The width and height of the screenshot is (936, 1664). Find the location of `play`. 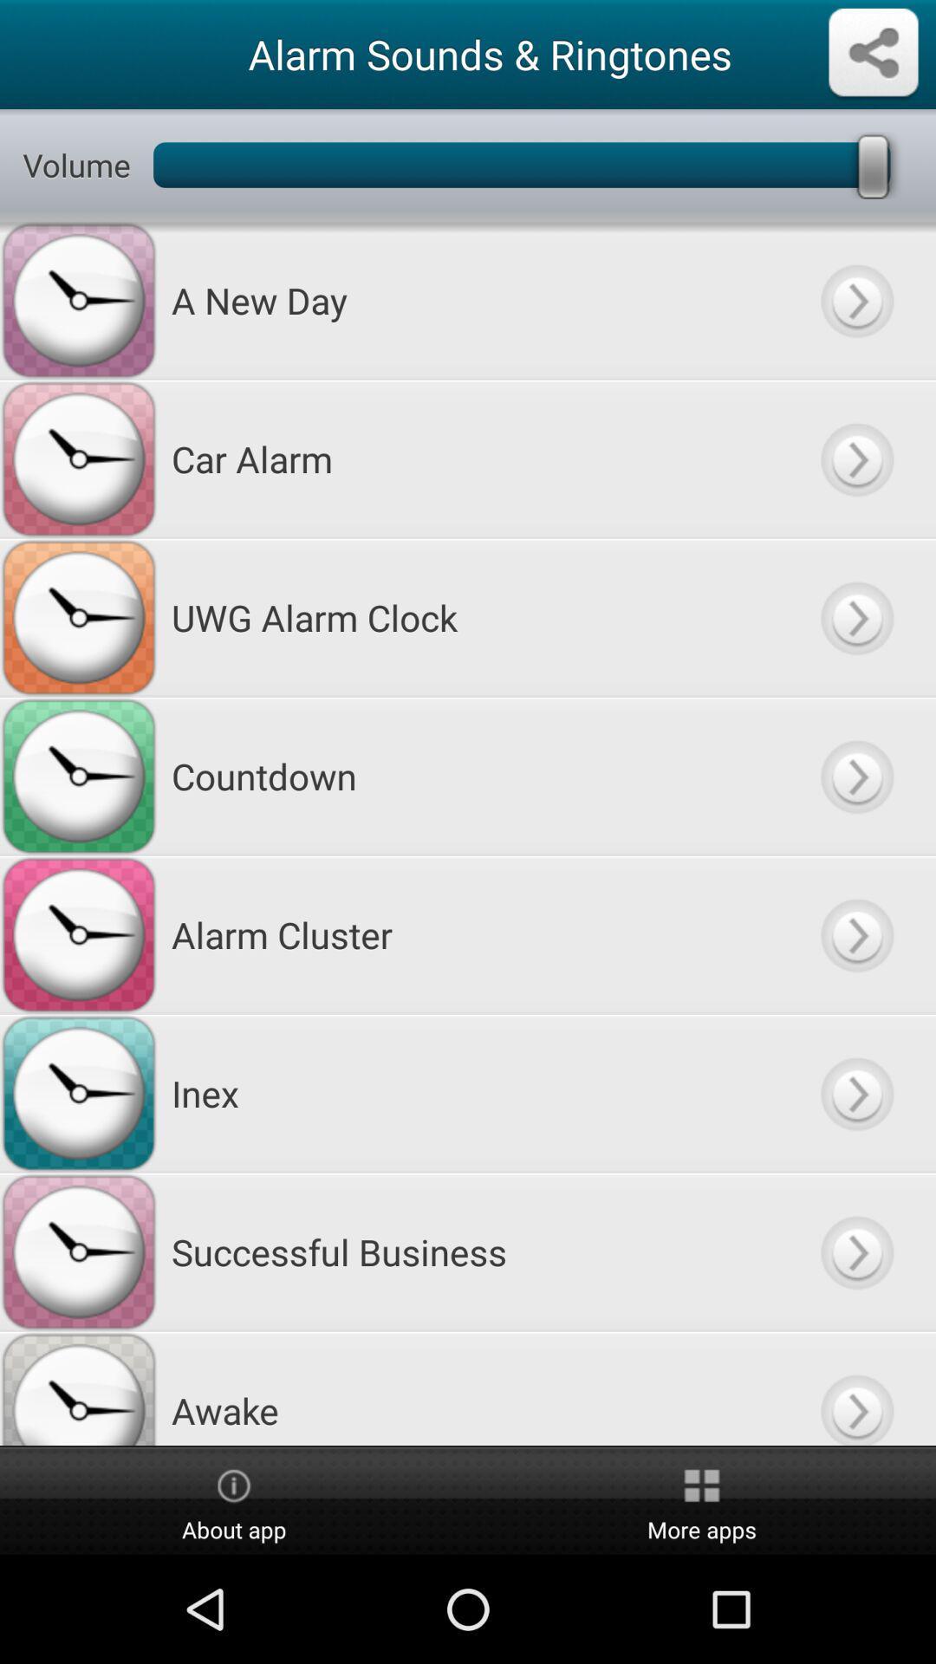

play is located at coordinates (855, 933).